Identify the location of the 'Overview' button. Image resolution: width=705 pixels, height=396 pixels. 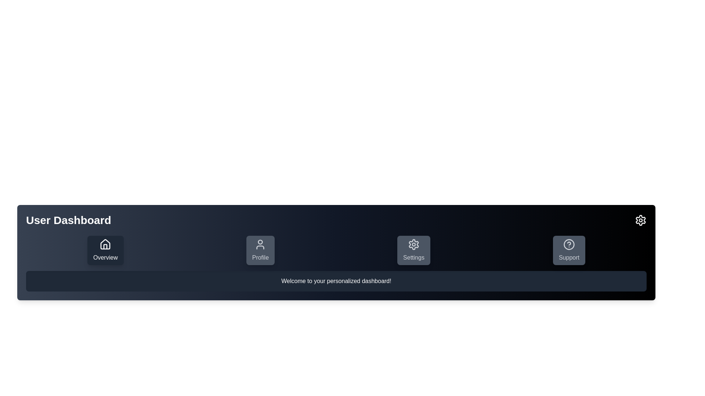
(105, 250).